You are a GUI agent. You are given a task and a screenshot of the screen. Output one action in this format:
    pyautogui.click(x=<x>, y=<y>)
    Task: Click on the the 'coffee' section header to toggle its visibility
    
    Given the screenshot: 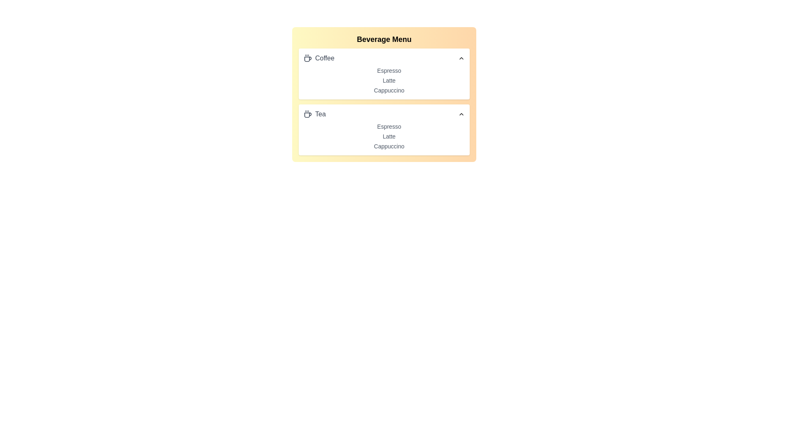 What is the action you would take?
    pyautogui.click(x=384, y=58)
    